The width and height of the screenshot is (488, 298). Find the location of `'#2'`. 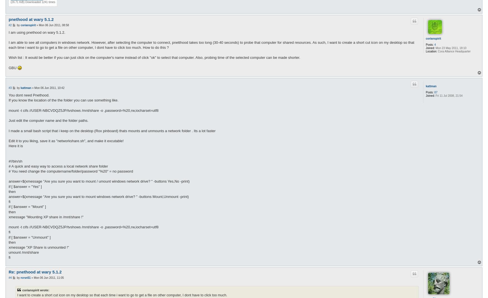

'#2' is located at coordinates (10, 25).